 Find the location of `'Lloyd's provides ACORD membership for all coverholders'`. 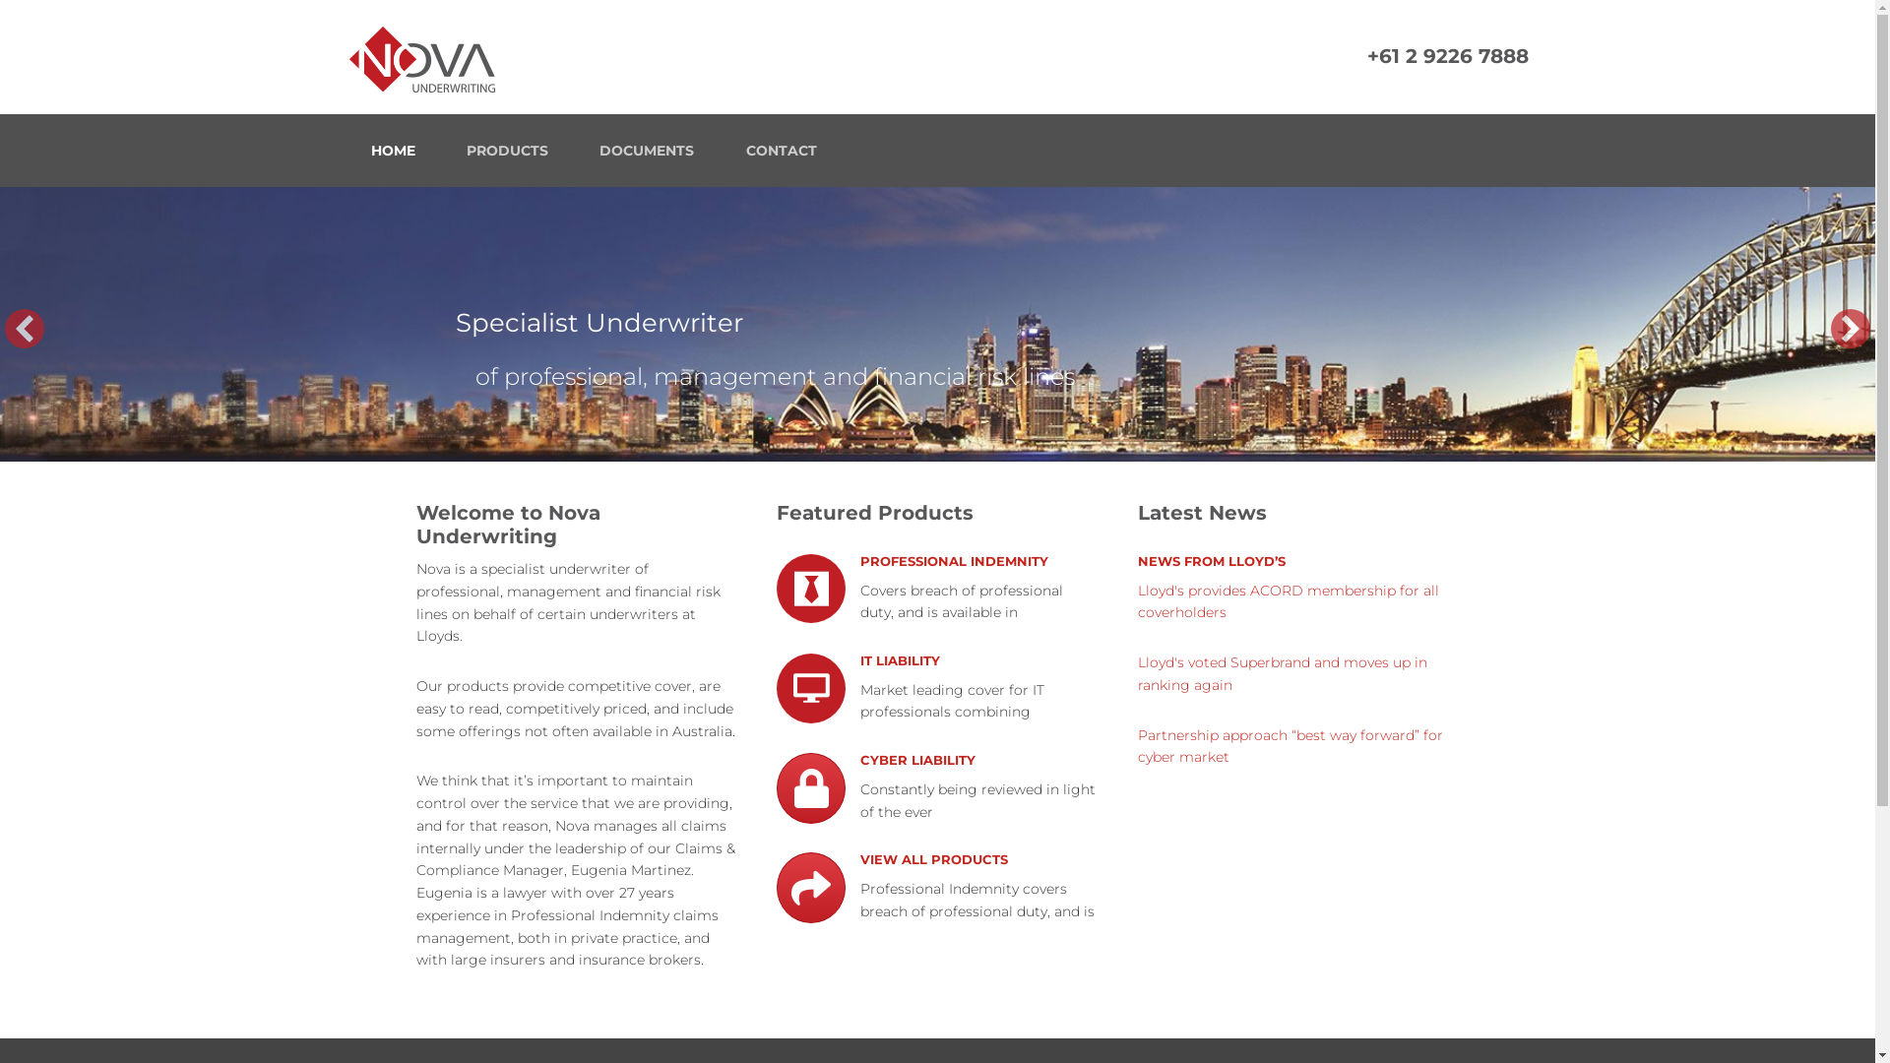

'Lloyd's provides ACORD membership for all coverholders' is located at coordinates (1289, 601).